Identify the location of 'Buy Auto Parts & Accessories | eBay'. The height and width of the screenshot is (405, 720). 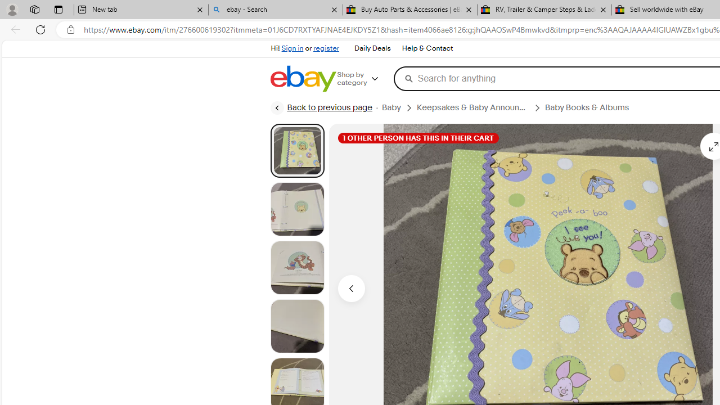
(409, 10).